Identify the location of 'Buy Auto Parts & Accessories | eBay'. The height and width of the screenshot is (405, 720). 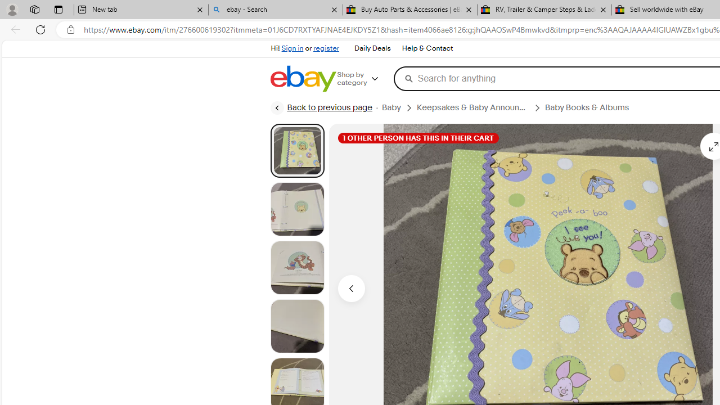
(409, 10).